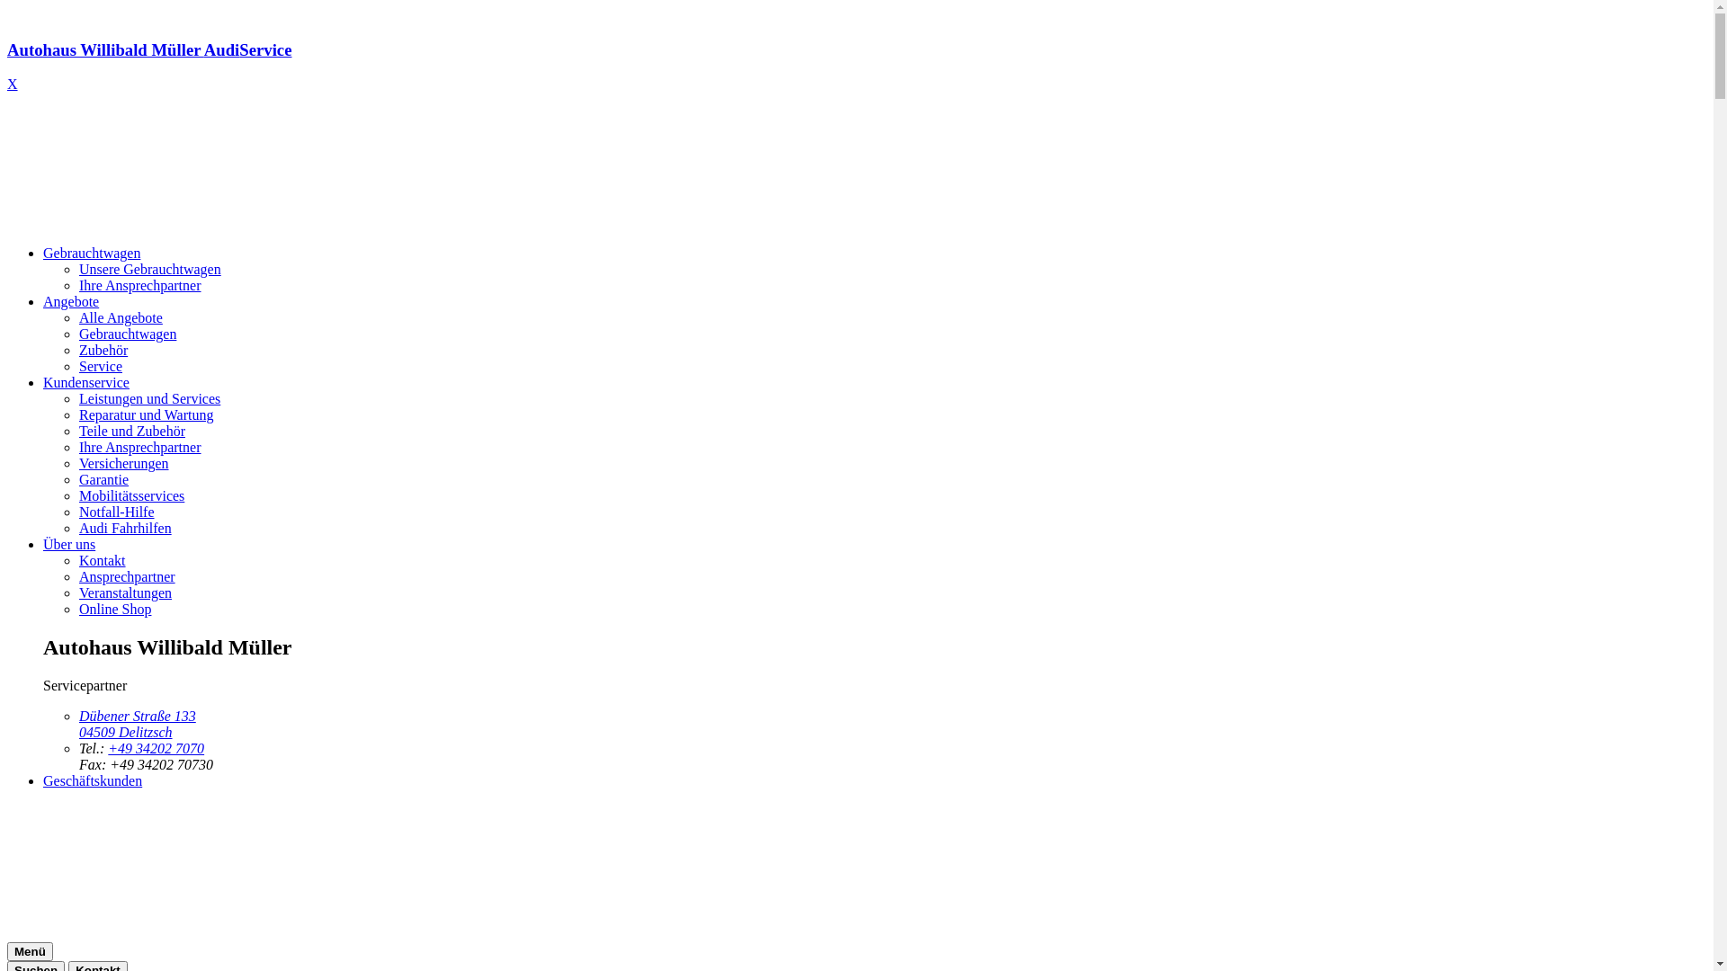 Image resolution: width=1727 pixels, height=971 pixels. Describe the element at coordinates (90, 253) in the screenshot. I see `'Gebrauchtwagen'` at that location.